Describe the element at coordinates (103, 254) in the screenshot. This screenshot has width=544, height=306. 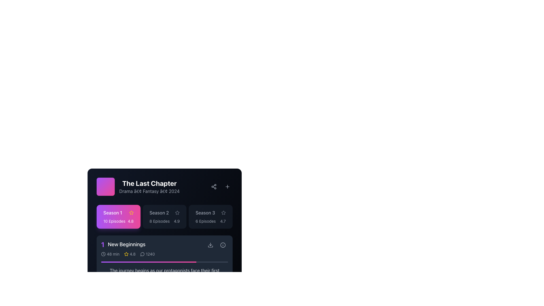
I see `the clock icon located at the beginning of the horizontal layout, which is followed by the text '48 min' under the episode titled 'New Beginnings' in 'Season 1'` at that location.